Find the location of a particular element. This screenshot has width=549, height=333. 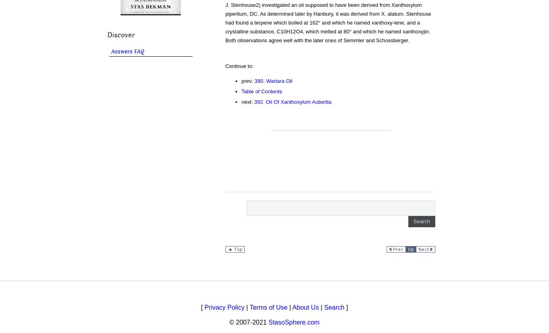

']' is located at coordinates (346, 307).